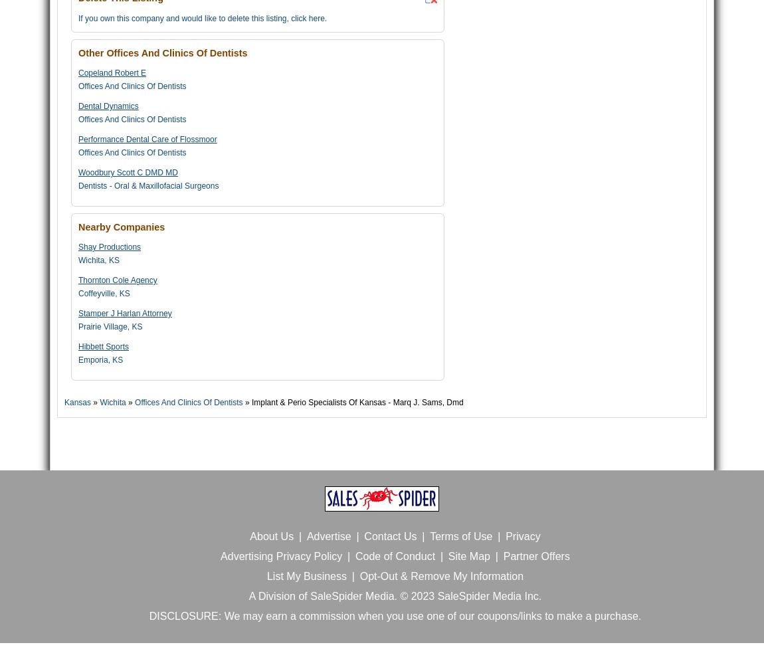 Image resolution: width=764 pixels, height=671 pixels. What do you see at coordinates (77, 185) in the screenshot?
I see `'Dentists - Oral & Maxillofacial Surgeons'` at bounding box center [77, 185].